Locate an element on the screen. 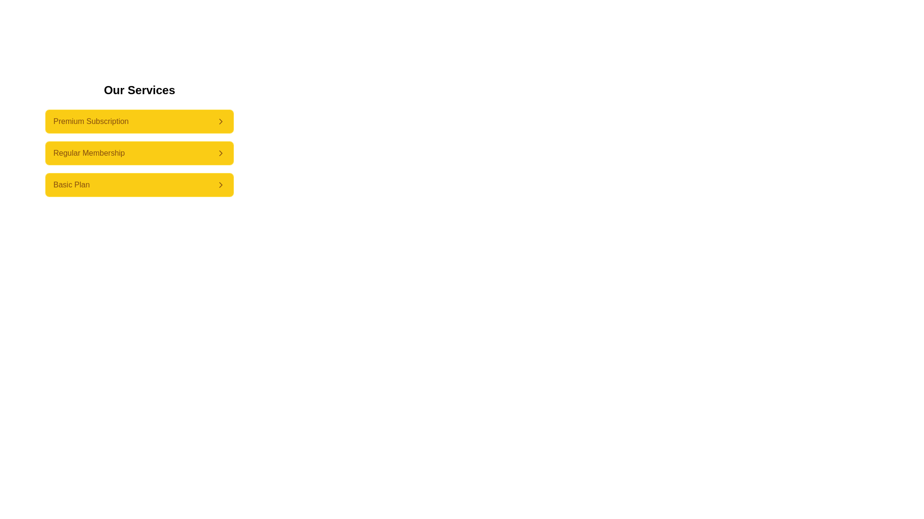  the small right-pointing chevron arrow icon located to the right of the 'Regular Membership' button is located at coordinates (220, 153).